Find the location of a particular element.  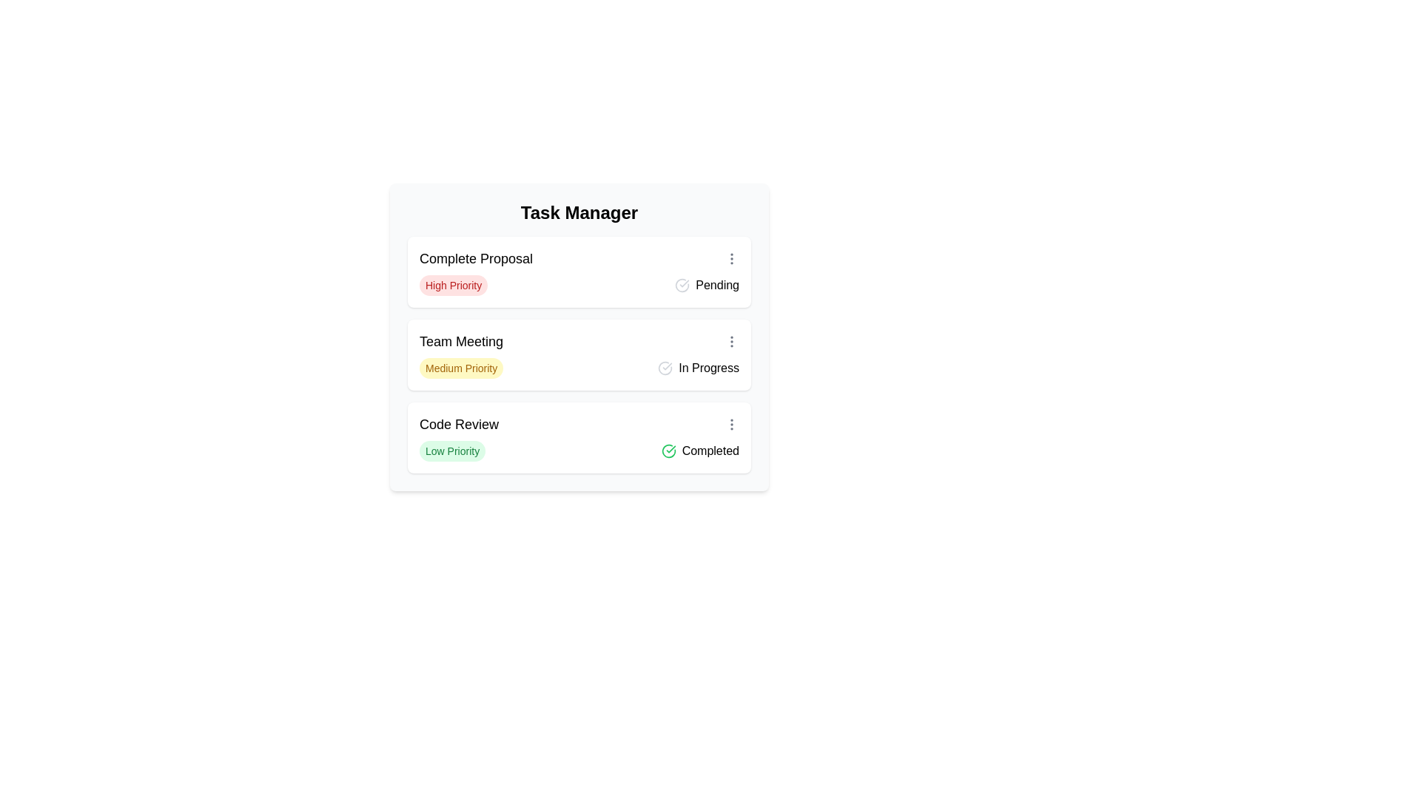

the vertical ellipsis options button located at the rightmost section of the 'Code Review' row beside the text 'Completed' is located at coordinates (731, 425).